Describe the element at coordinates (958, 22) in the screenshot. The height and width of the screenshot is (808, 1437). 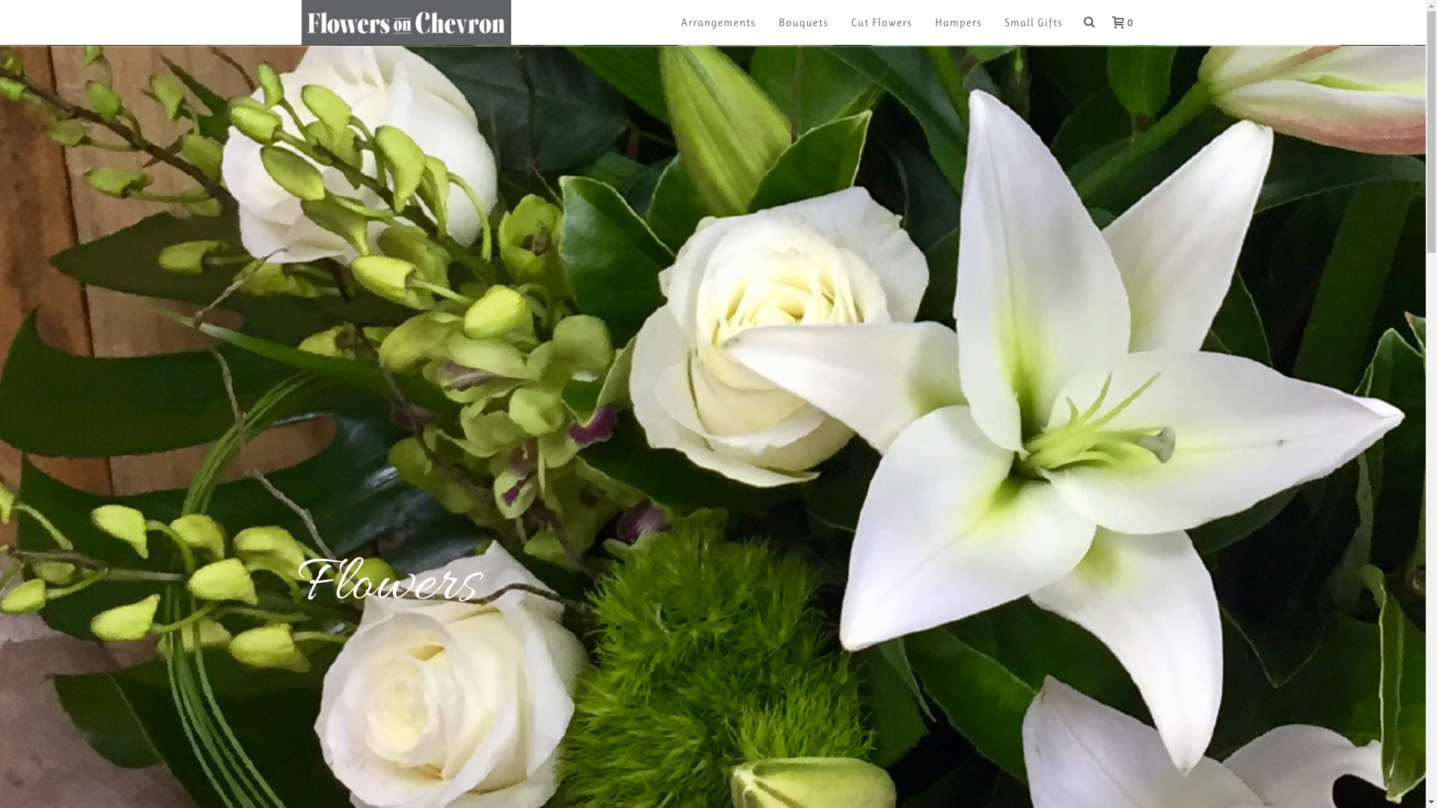
I see `'Hampers'` at that location.